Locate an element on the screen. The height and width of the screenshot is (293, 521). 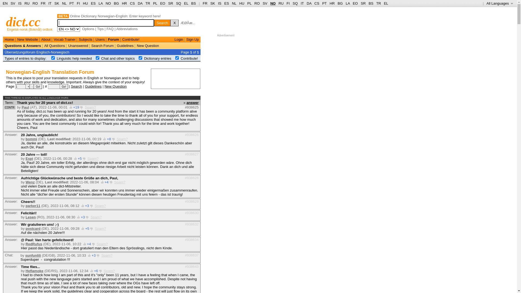
'Heflamoke' is located at coordinates (25, 271).